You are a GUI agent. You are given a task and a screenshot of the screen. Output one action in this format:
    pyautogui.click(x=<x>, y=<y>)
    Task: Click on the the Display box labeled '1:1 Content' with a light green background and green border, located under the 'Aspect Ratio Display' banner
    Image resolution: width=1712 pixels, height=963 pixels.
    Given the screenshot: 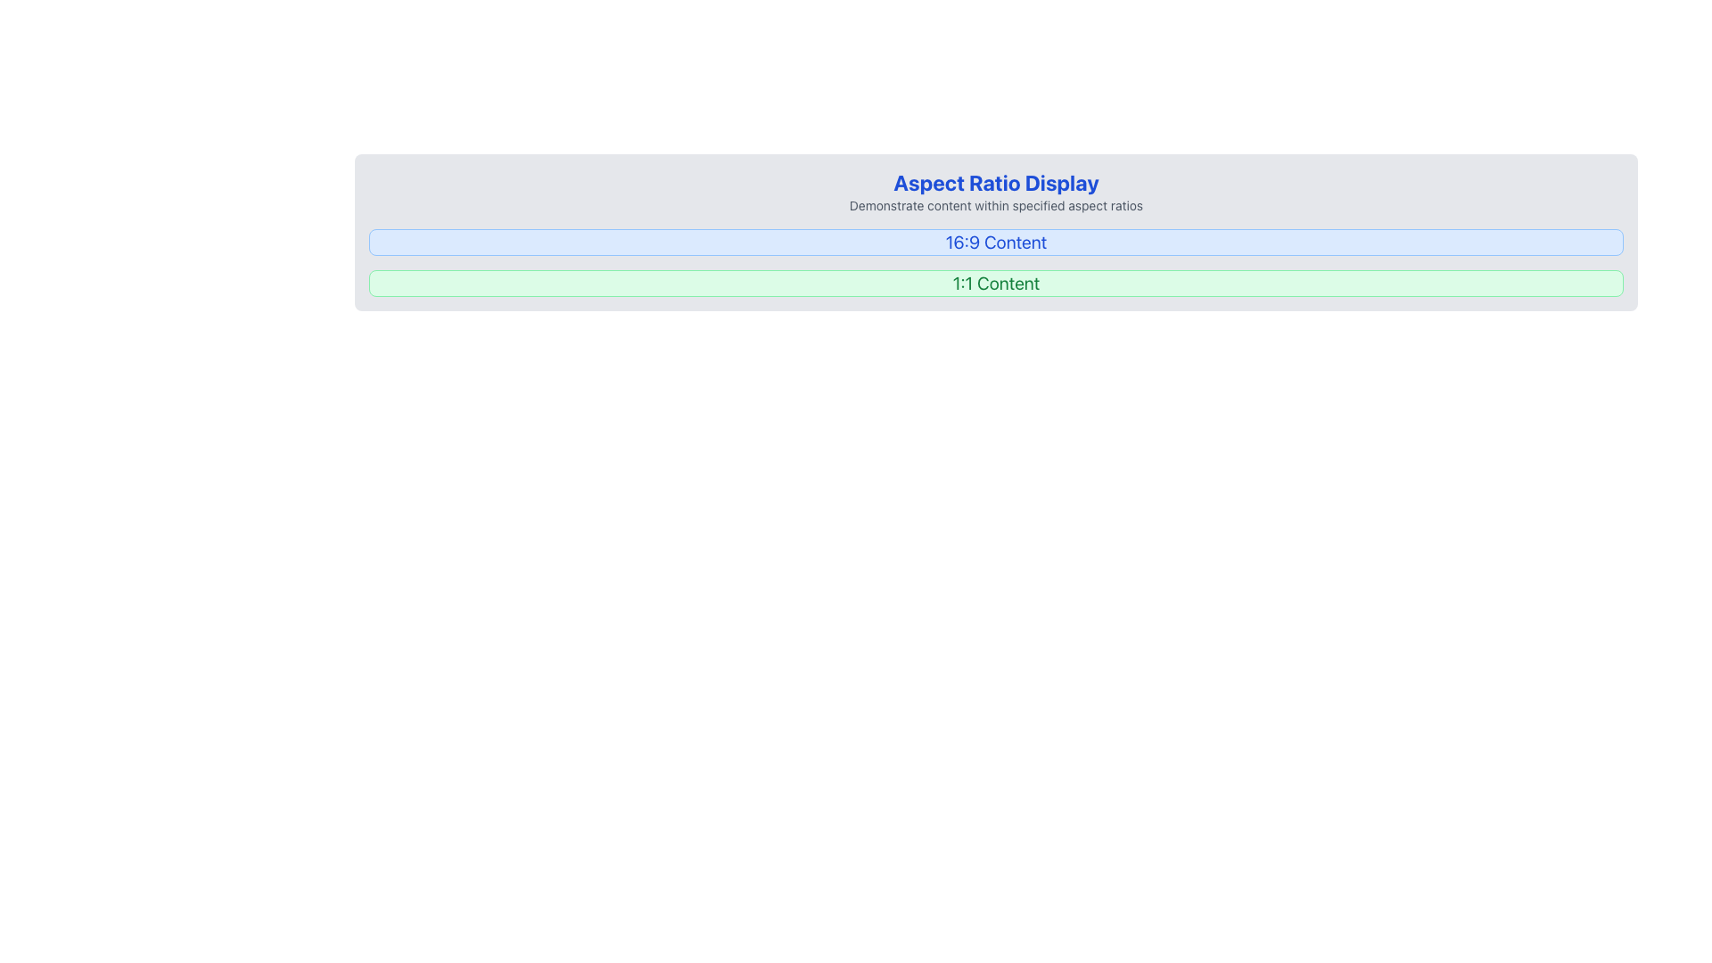 What is the action you would take?
    pyautogui.click(x=995, y=282)
    